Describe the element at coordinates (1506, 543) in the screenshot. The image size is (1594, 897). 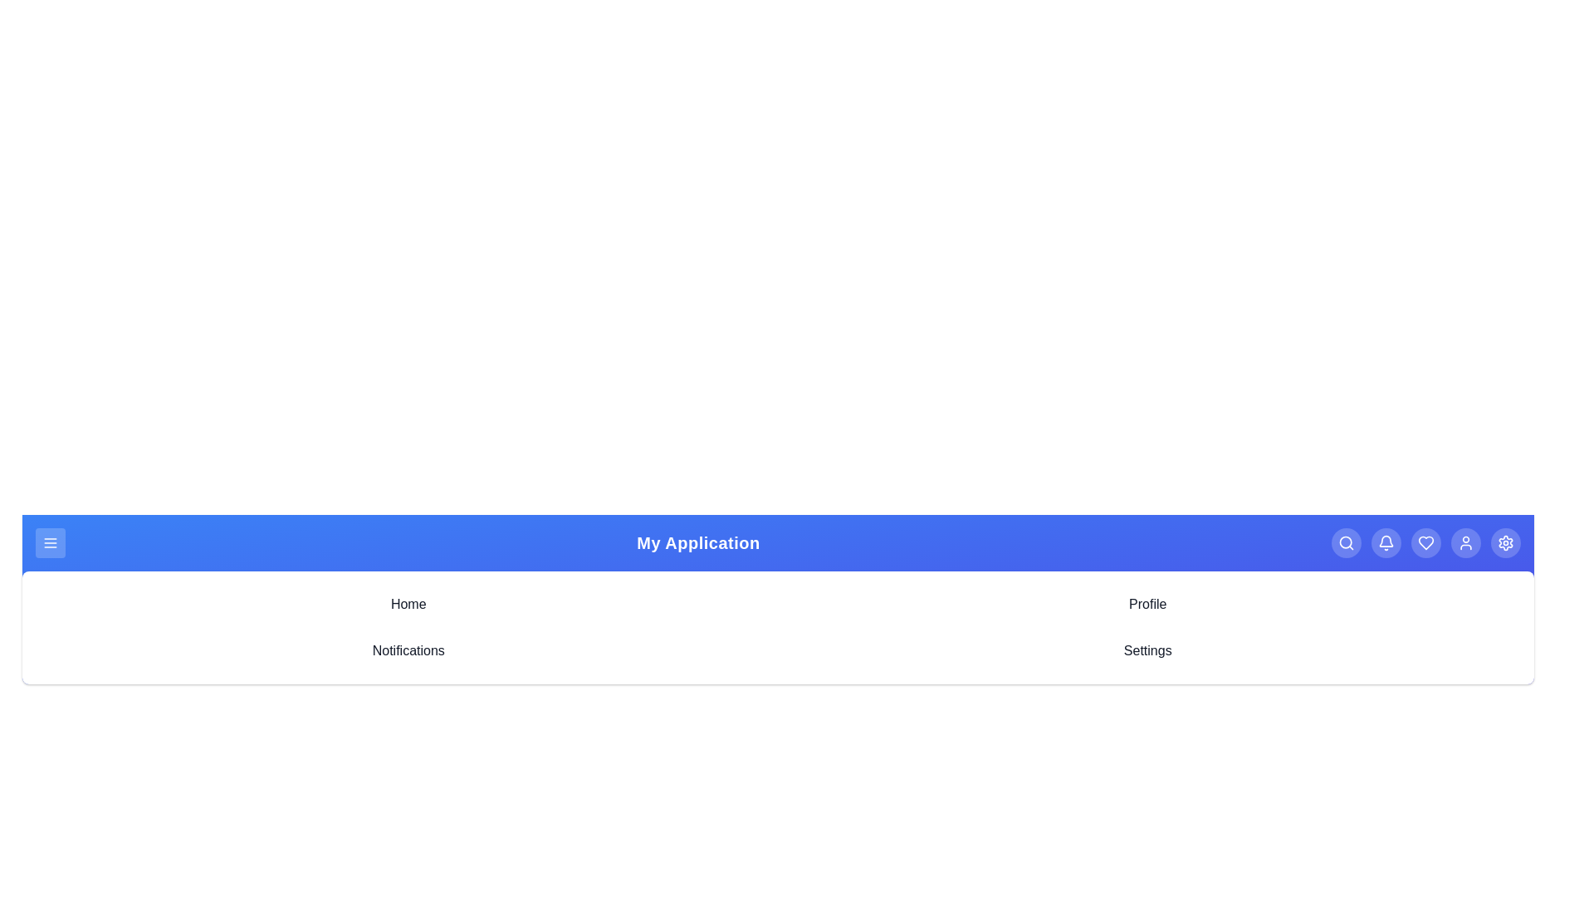
I see `the 'Settings' button in the menu` at that location.